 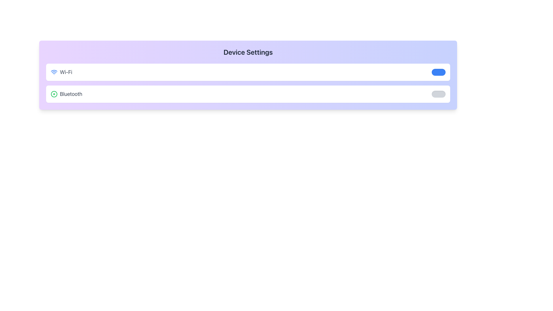 I want to click on the Bluetooth settings toggle, which is the second item in the list below the Wi-Fi section, so click(x=248, y=94).